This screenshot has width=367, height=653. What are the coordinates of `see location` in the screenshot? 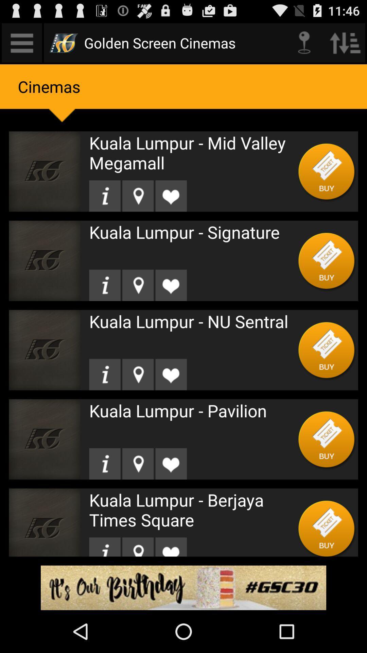 It's located at (138, 463).